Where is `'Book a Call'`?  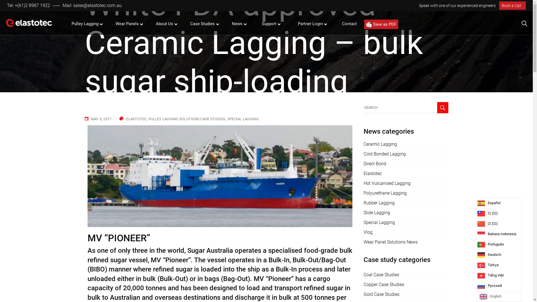 'Book a Call' is located at coordinates (512, 5).